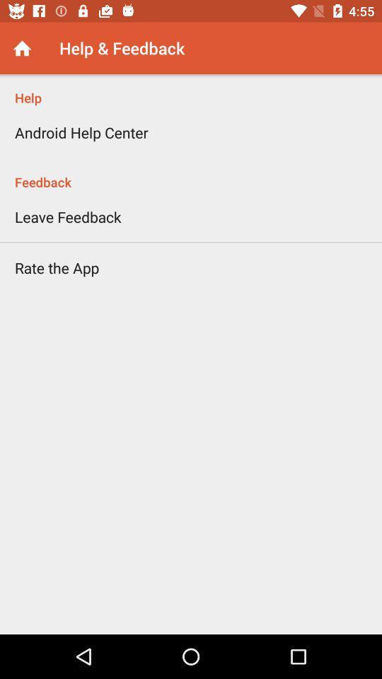  Describe the element at coordinates (67, 216) in the screenshot. I see `leave feedback` at that location.